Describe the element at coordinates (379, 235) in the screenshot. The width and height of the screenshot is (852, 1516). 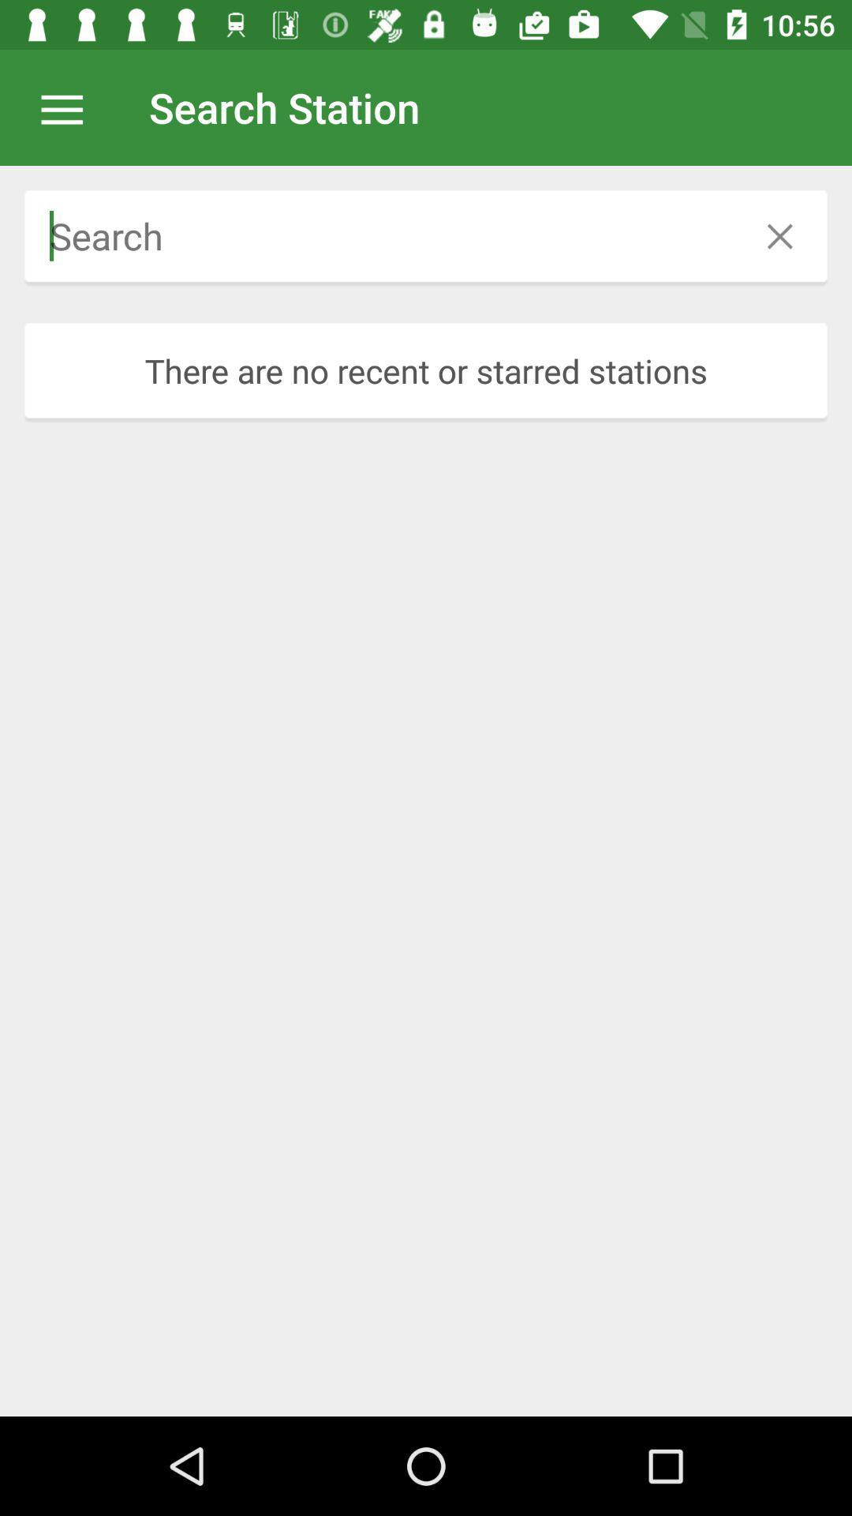
I see `search` at that location.